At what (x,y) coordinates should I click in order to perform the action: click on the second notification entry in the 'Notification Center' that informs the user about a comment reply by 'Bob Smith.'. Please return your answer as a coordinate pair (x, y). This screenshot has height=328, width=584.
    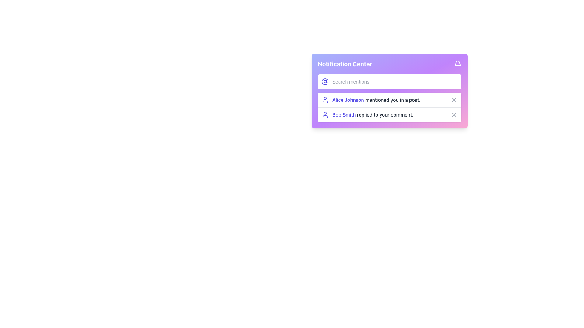
    Looking at the image, I should click on (390, 114).